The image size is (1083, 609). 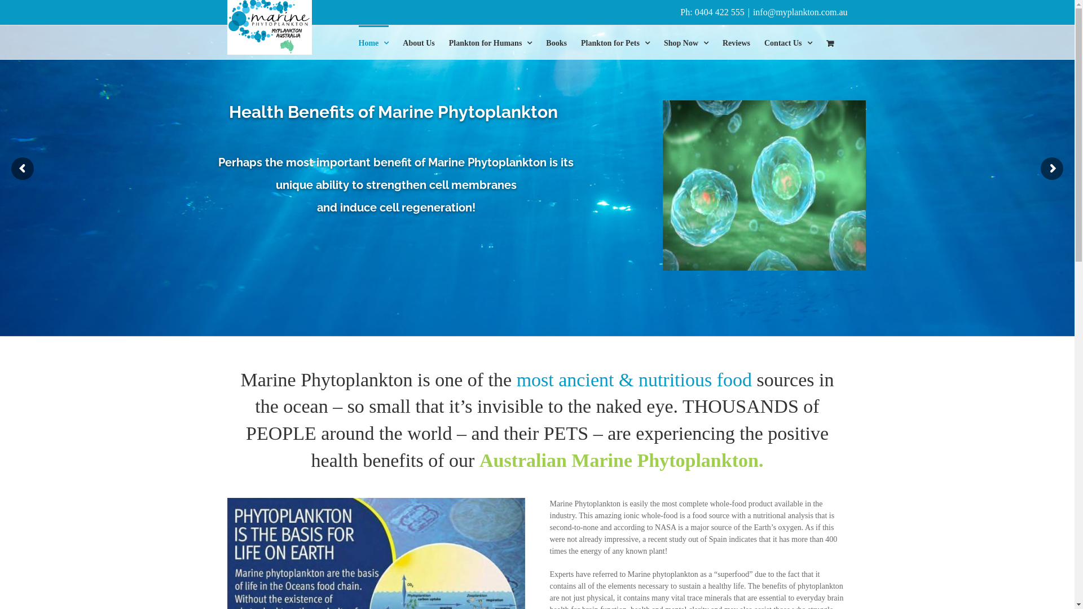 I want to click on 'Ph: 0404 422 555', so click(x=711, y=12).